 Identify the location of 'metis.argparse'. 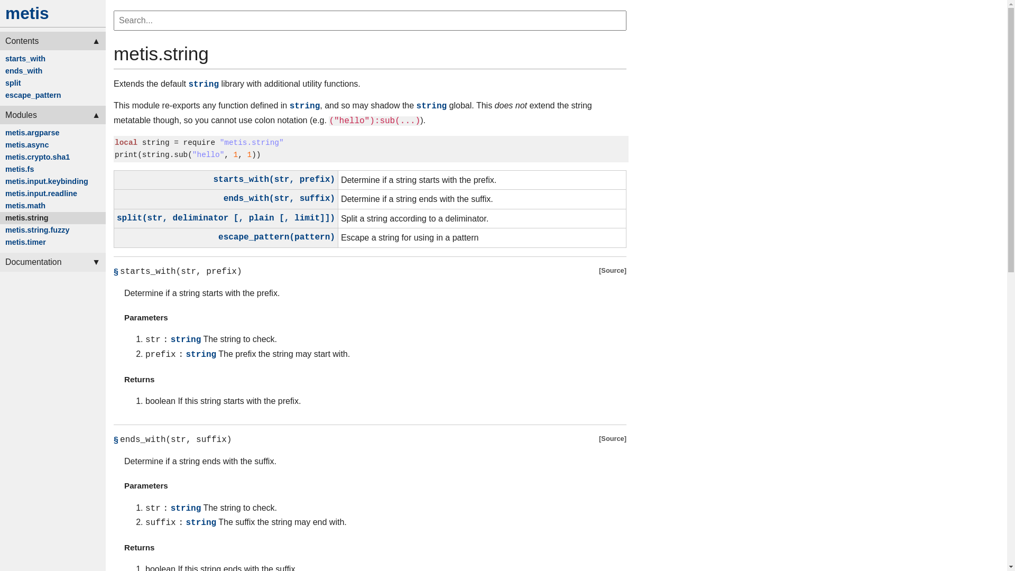
(0, 132).